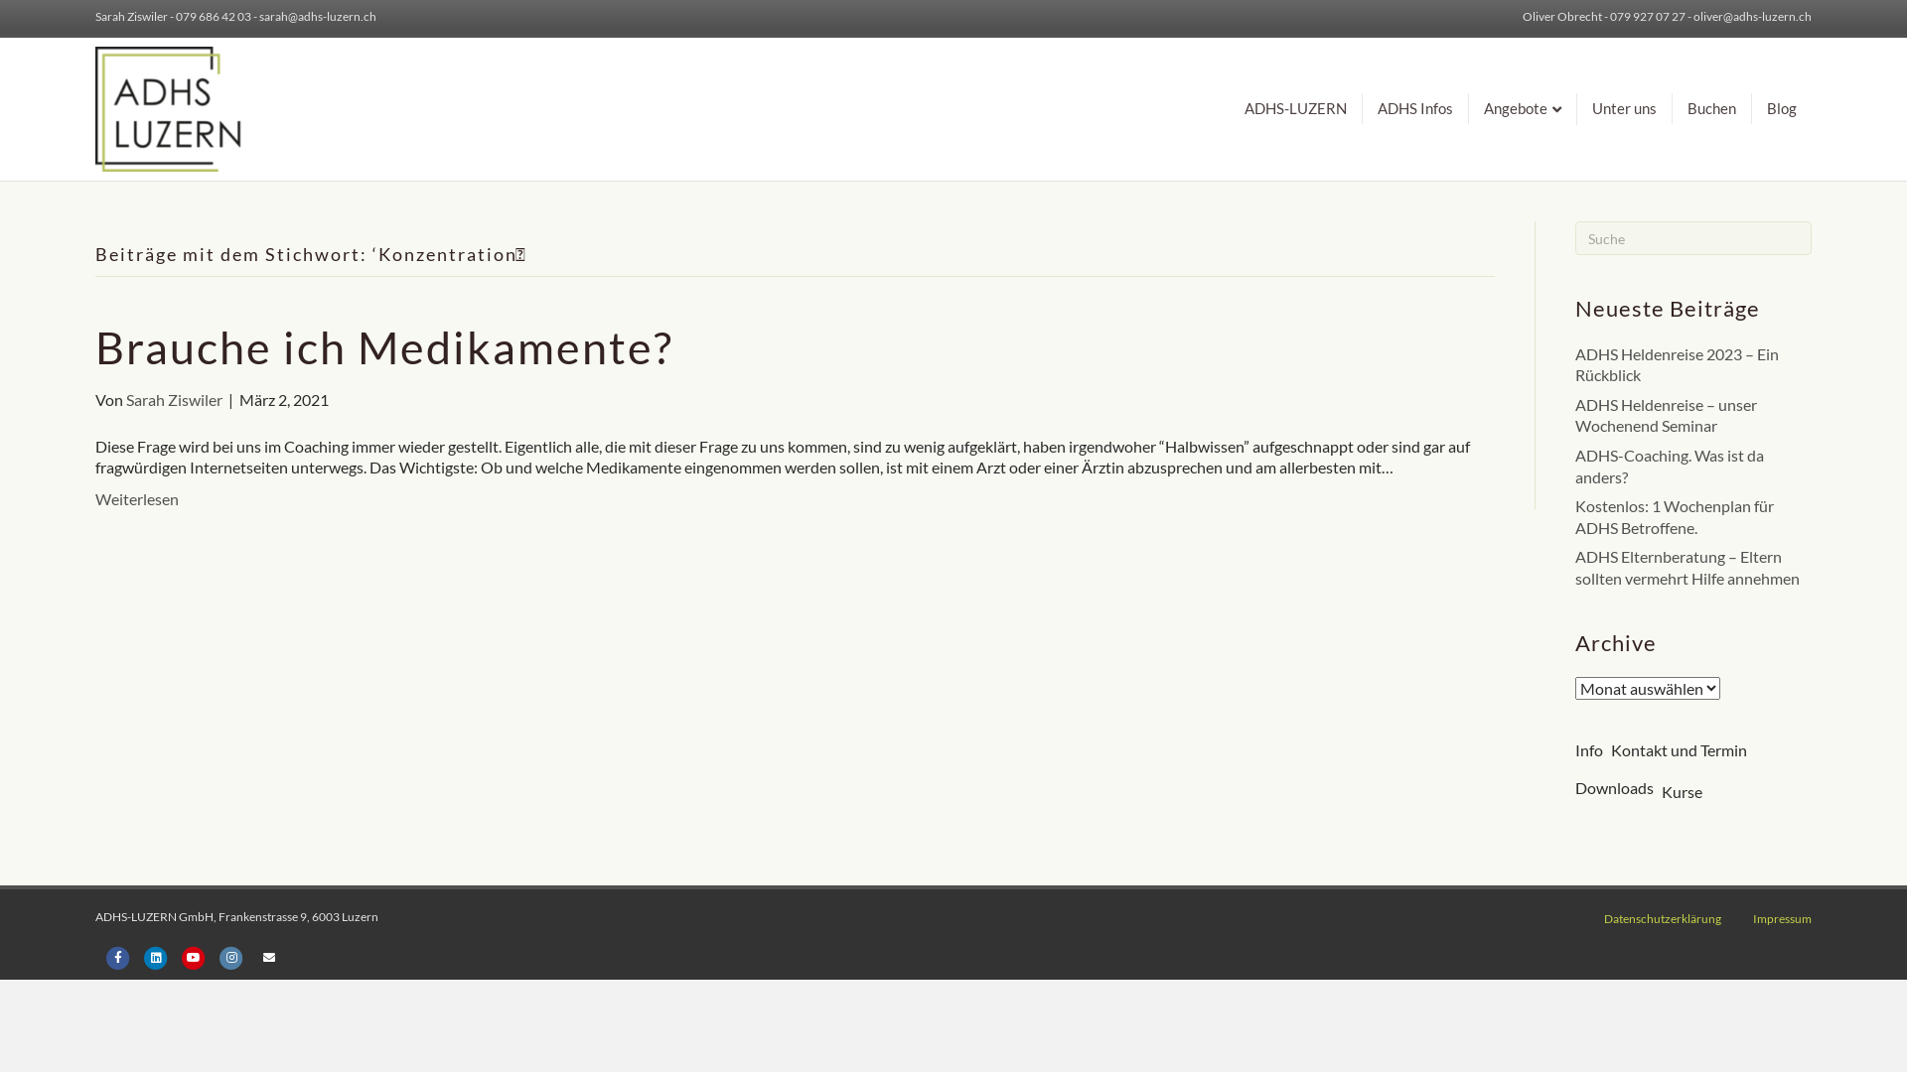 The height and width of the screenshot is (1072, 1907). What do you see at coordinates (216, 956) in the screenshot?
I see `'Instagram'` at bounding box center [216, 956].